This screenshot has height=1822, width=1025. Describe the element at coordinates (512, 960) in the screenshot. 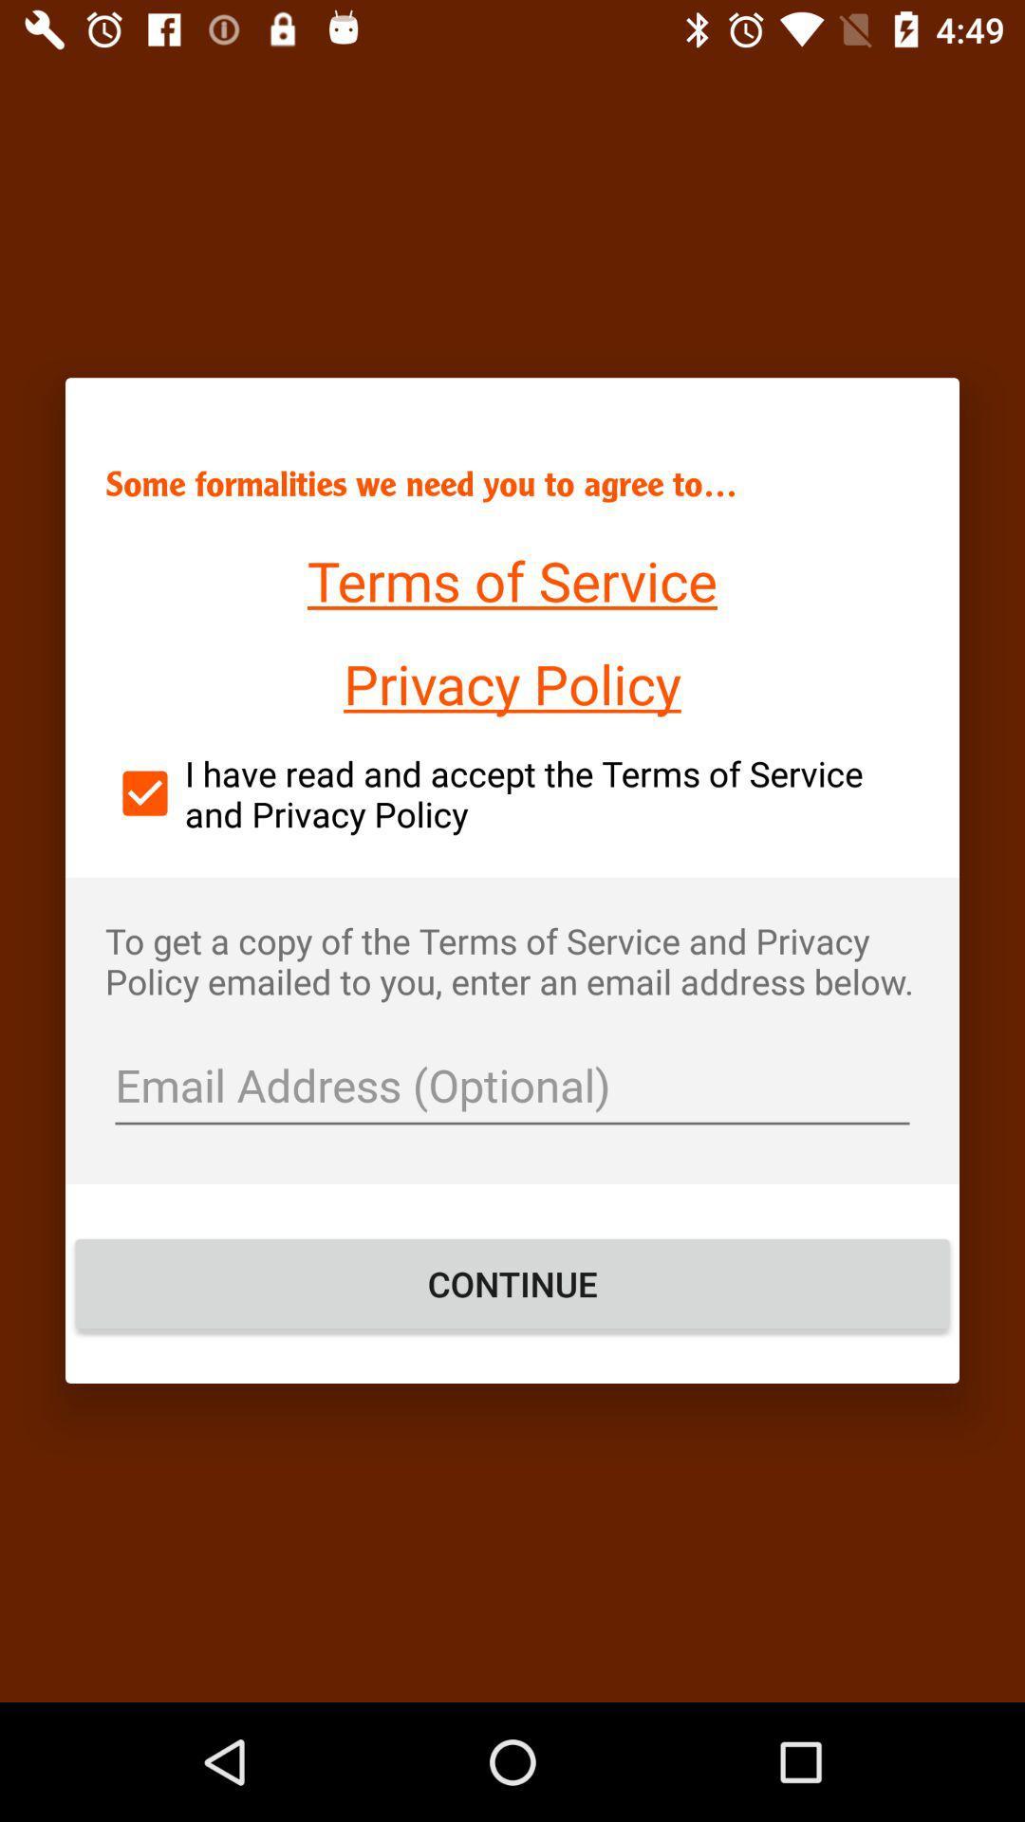

I see `to get a icon` at that location.